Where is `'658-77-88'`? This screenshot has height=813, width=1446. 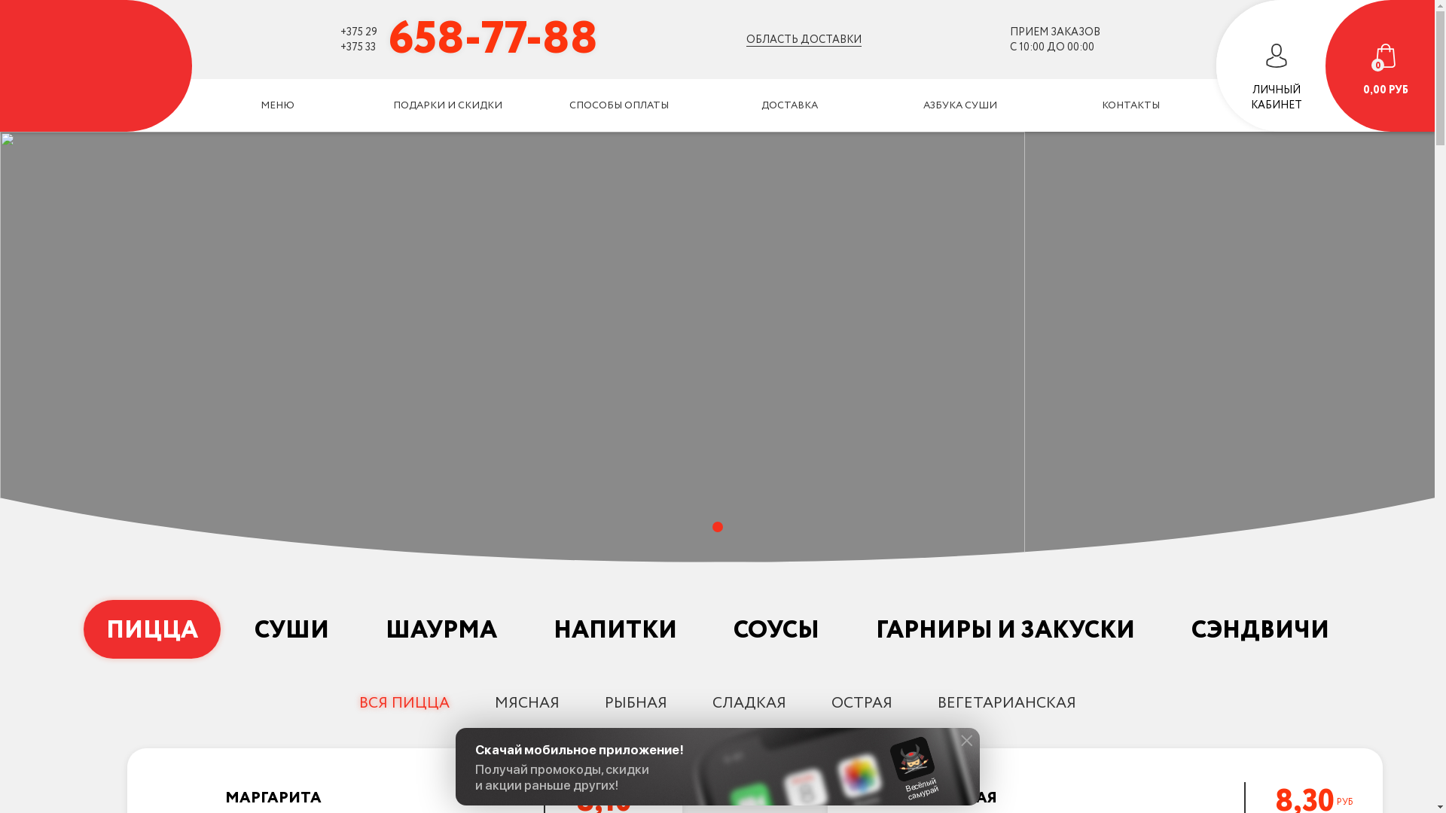 '658-77-88' is located at coordinates (493, 38).